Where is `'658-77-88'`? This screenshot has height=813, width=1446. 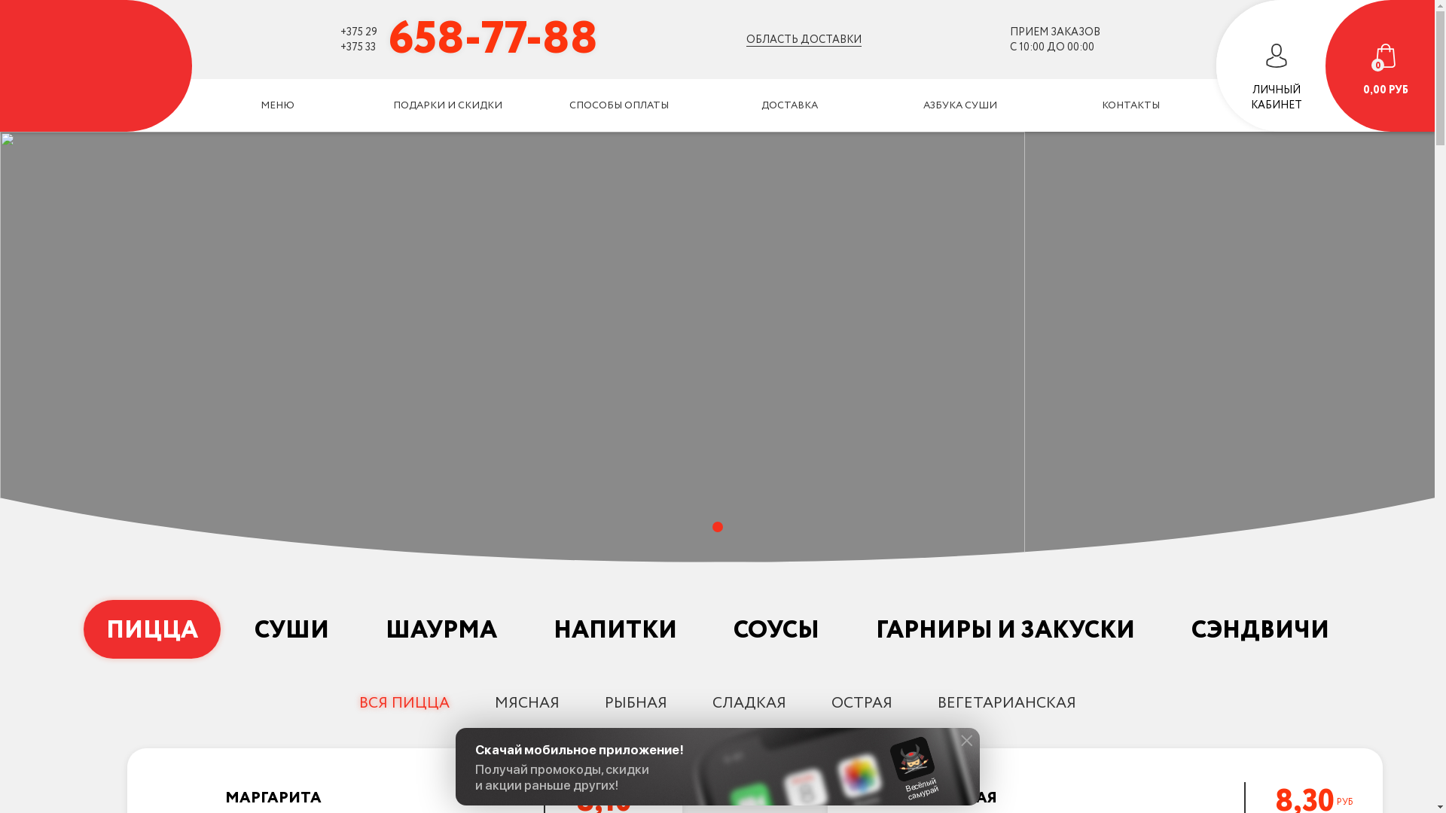 '658-77-88' is located at coordinates (493, 38).